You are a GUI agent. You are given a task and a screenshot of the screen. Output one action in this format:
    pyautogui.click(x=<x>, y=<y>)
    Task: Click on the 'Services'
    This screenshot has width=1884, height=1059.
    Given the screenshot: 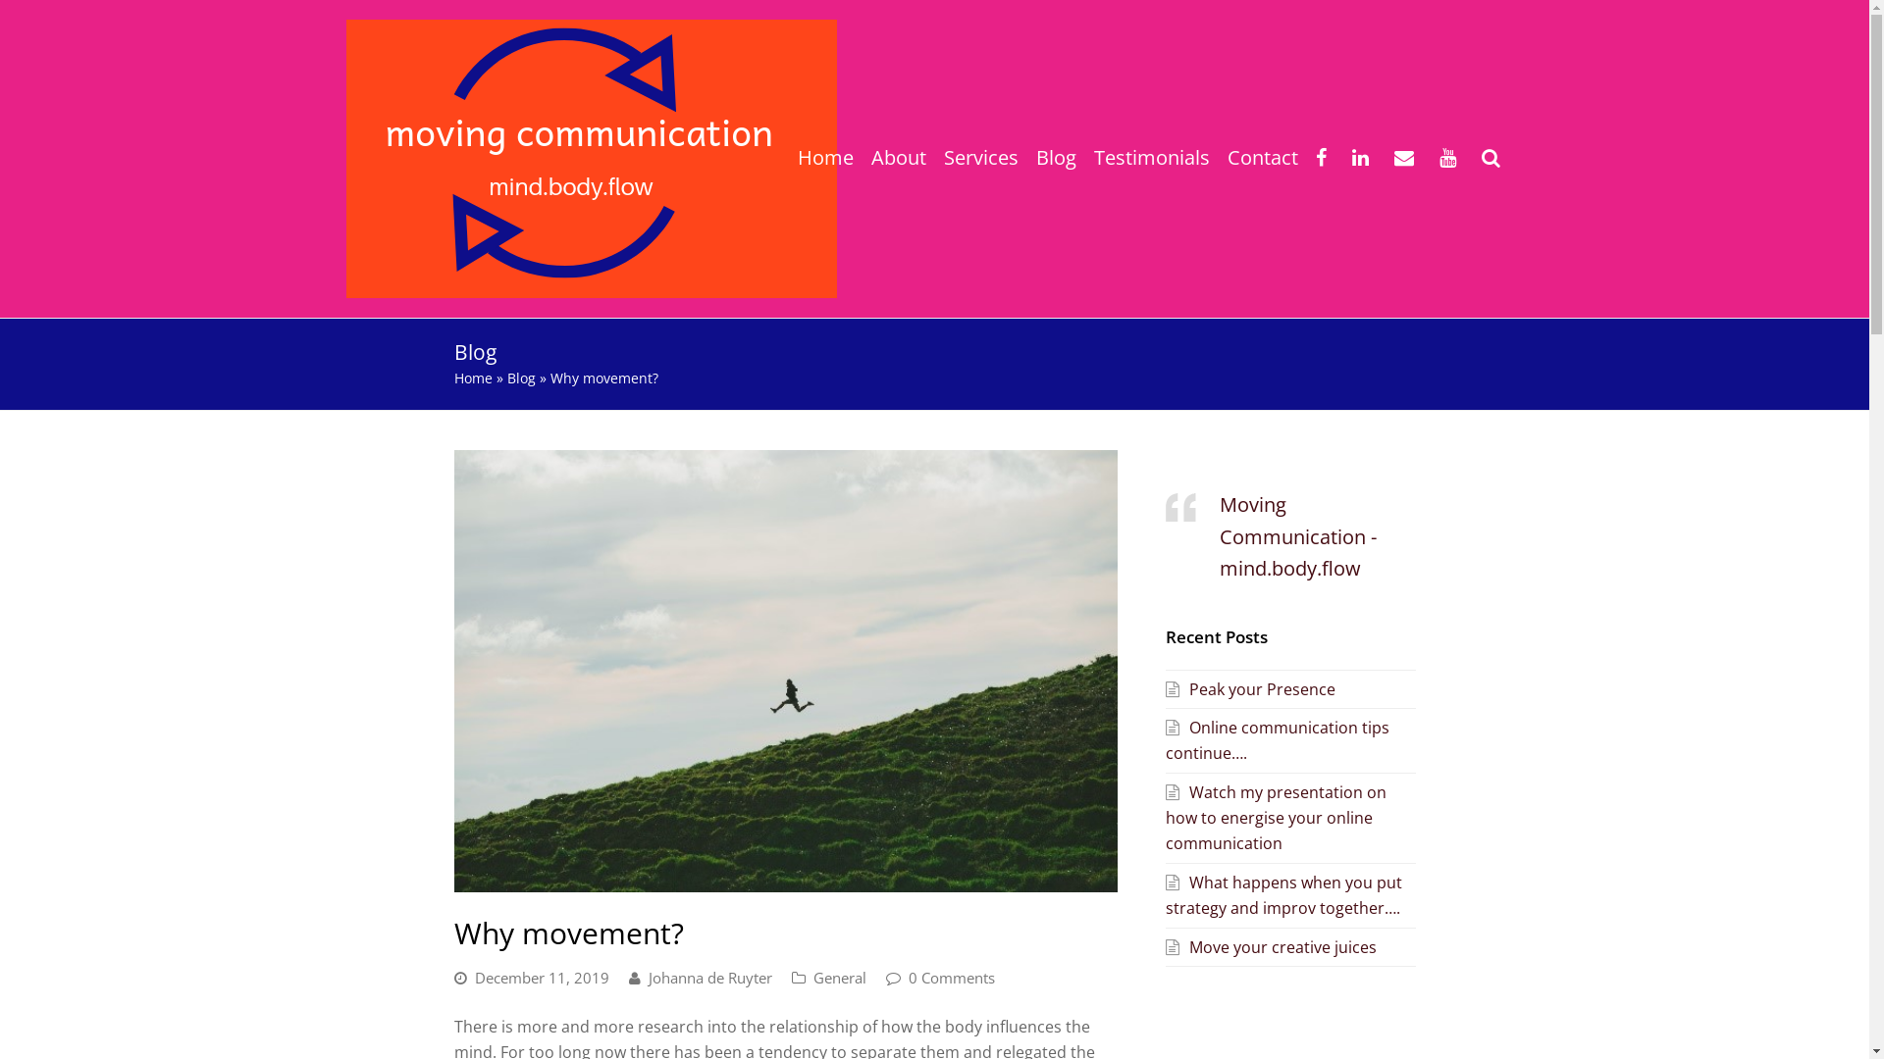 What is the action you would take?
    pyautogui.click(x=932, y=158)
    